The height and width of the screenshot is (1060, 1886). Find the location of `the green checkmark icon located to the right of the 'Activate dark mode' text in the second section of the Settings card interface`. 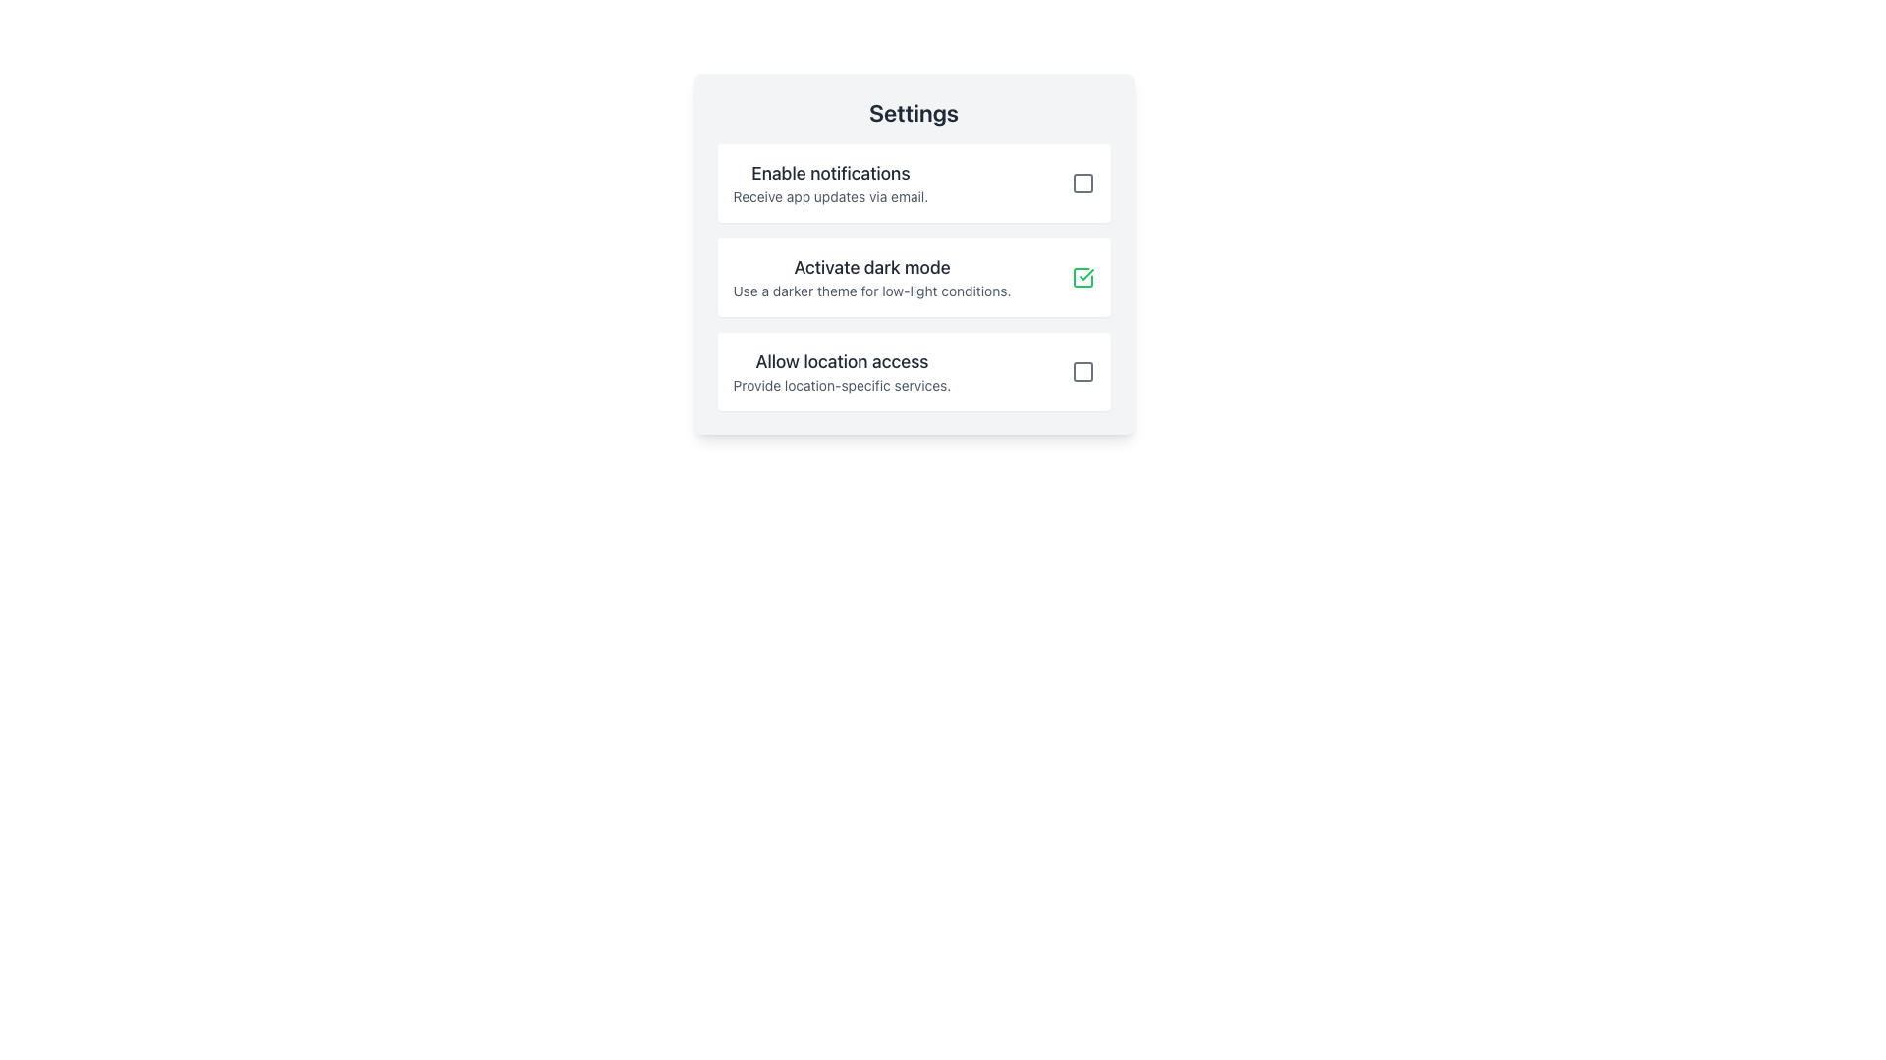

the green checkmark icon located to the right of the 'Activate dark mode' text in the second section of the Settings card interface is located at coordinates (1082, 277).